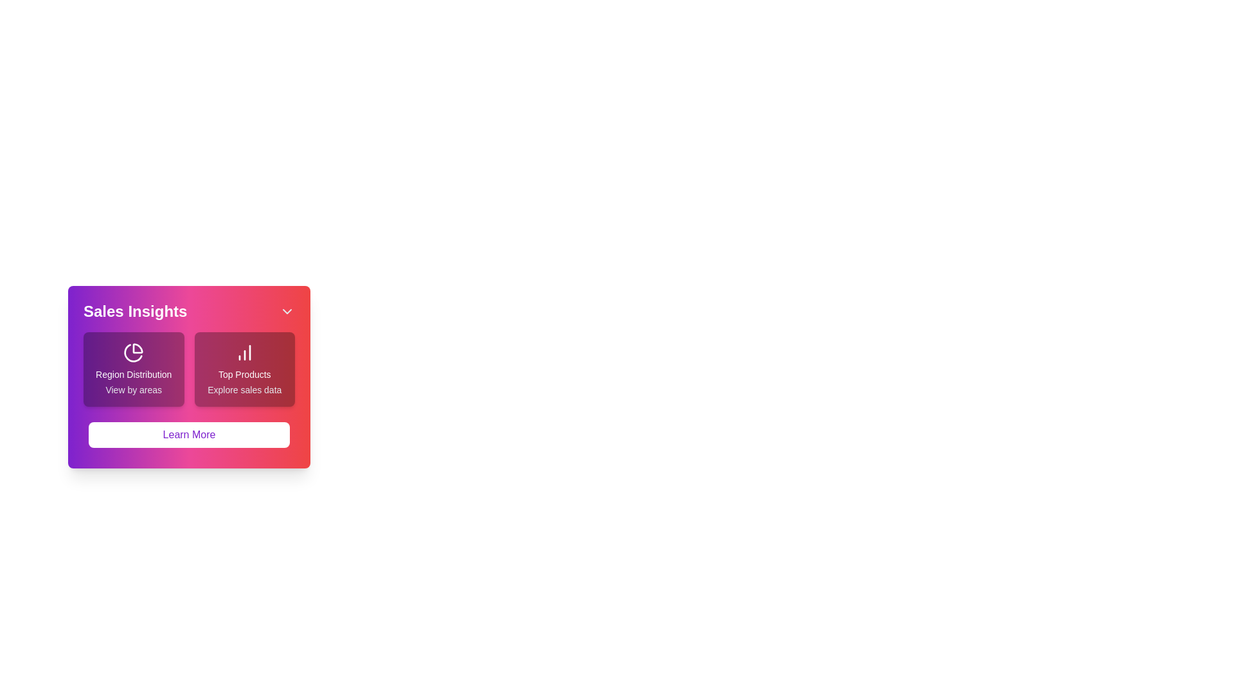  I want to click on the 'Sales Insights' header element, so click(188, 312).